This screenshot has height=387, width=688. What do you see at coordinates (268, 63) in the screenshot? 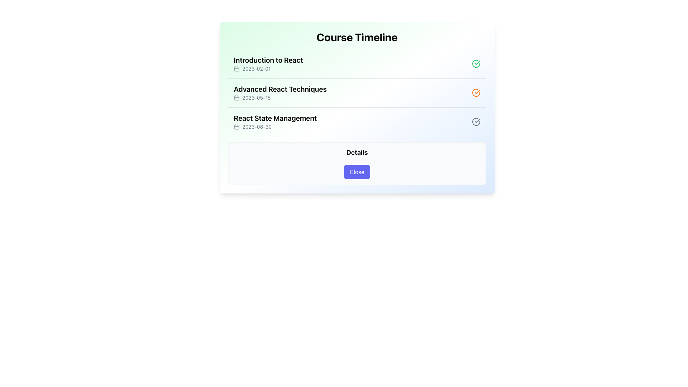
I see `the first item in the course timeline list, which includes a title and date, located just below the 'Course Timeline' heading` at bounding box center [268, 63].